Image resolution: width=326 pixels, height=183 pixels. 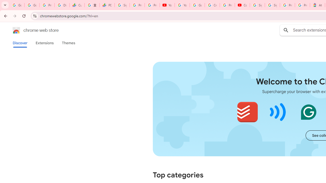 What do you see at coordinates (68, 43) in the screenshot?
I see `'Themes'` at bounding box center [68, 43].